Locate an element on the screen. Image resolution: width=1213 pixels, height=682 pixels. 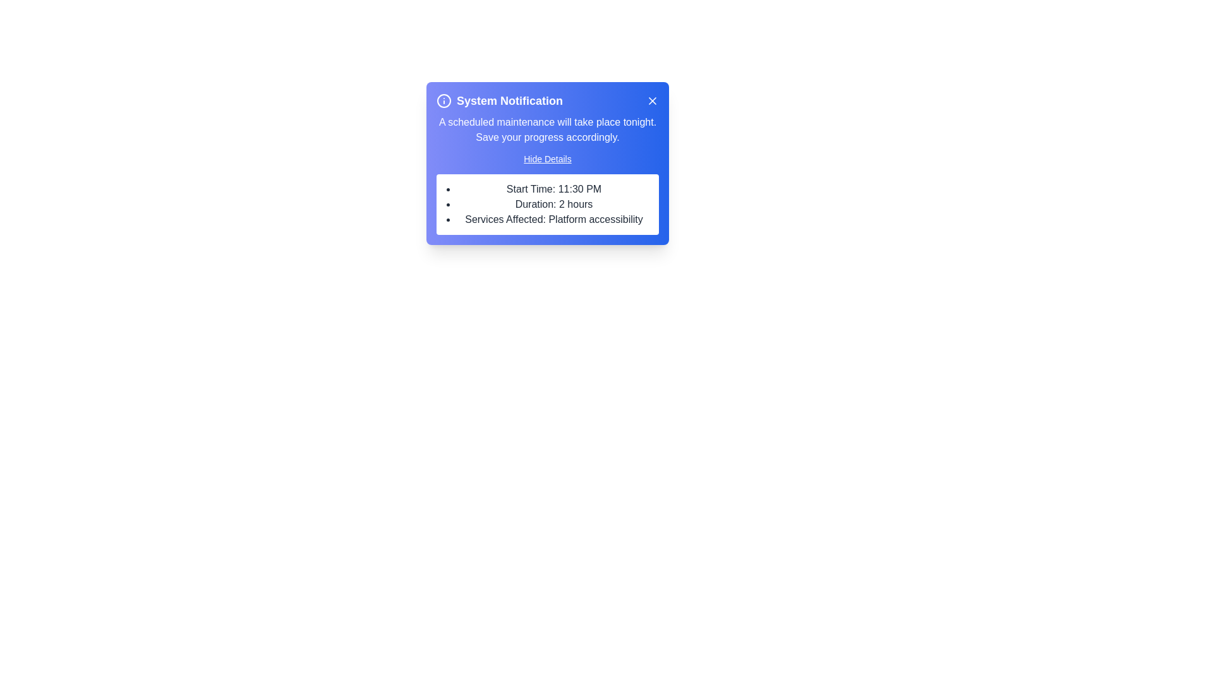
the 'X' button to close the notification is located at coordinates (652, 100).